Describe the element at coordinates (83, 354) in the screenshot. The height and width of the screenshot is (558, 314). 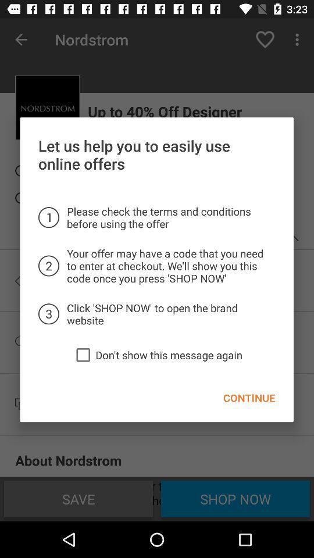
I see `item below click shop now` at that location.